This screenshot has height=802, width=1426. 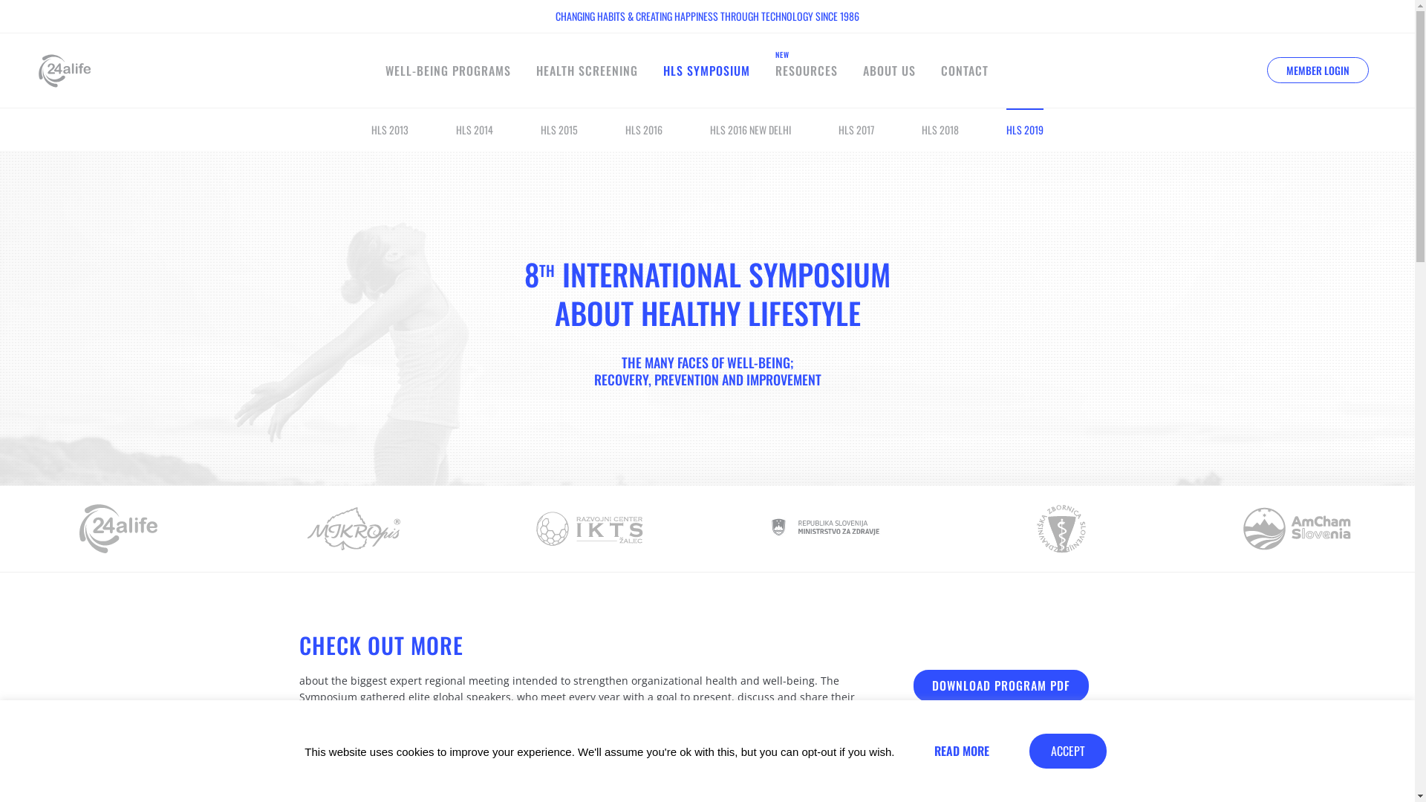 I want to click on 'READ MORE', so click(x=962, y=751).